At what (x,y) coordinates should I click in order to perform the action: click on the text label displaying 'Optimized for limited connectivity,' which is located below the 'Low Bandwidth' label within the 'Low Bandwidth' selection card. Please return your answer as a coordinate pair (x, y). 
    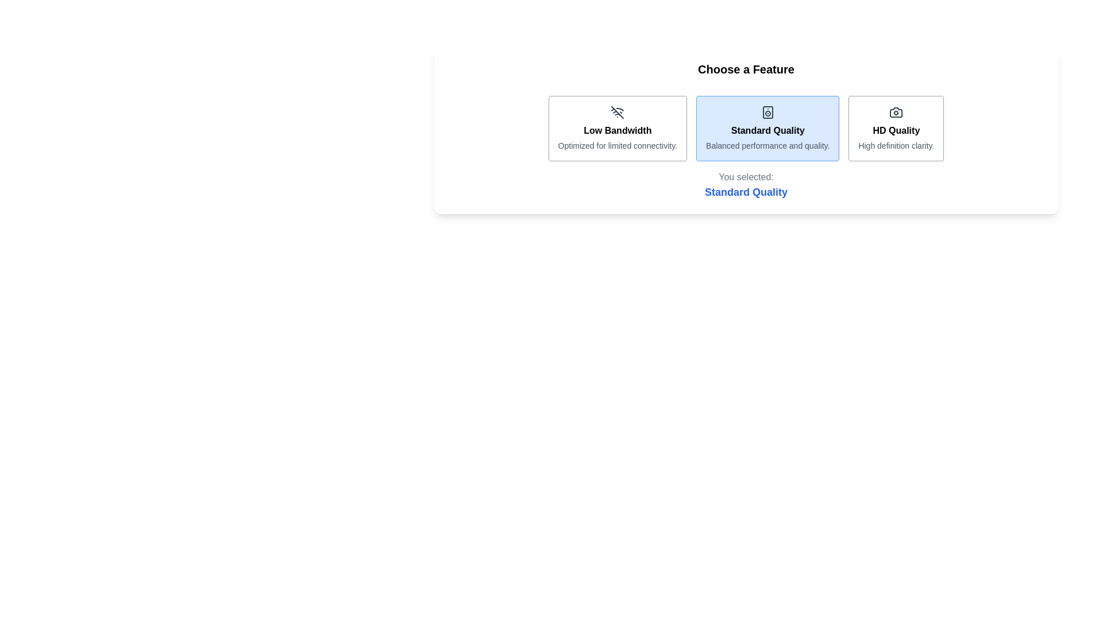
    Looking at the image, I should click on (617, 145).